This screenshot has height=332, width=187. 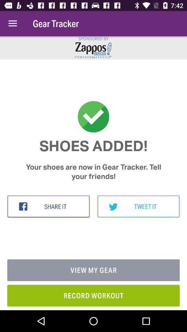 What do you see at coordinates (138, 206) in the screenshot?
I see `item on the right` at bounding box center [138, 206].